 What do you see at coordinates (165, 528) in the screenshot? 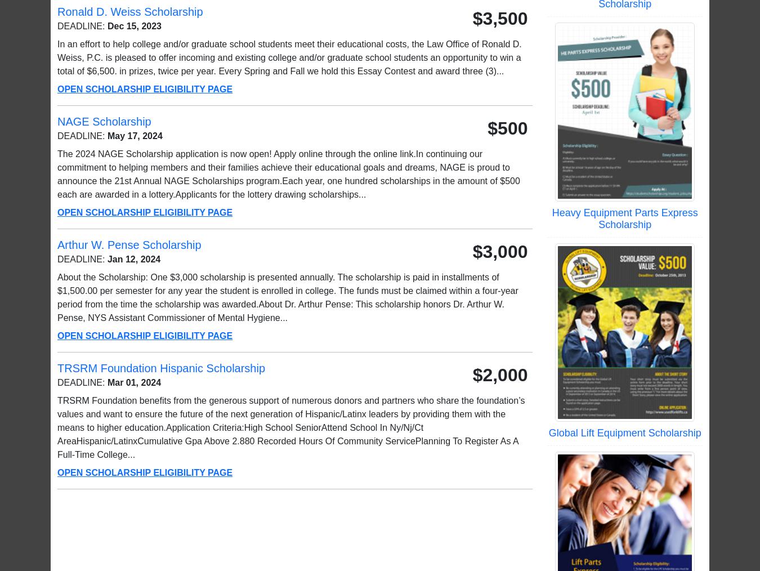
I see `'Scholarship Newsletter Signup'` at bounding box center [165, 528].